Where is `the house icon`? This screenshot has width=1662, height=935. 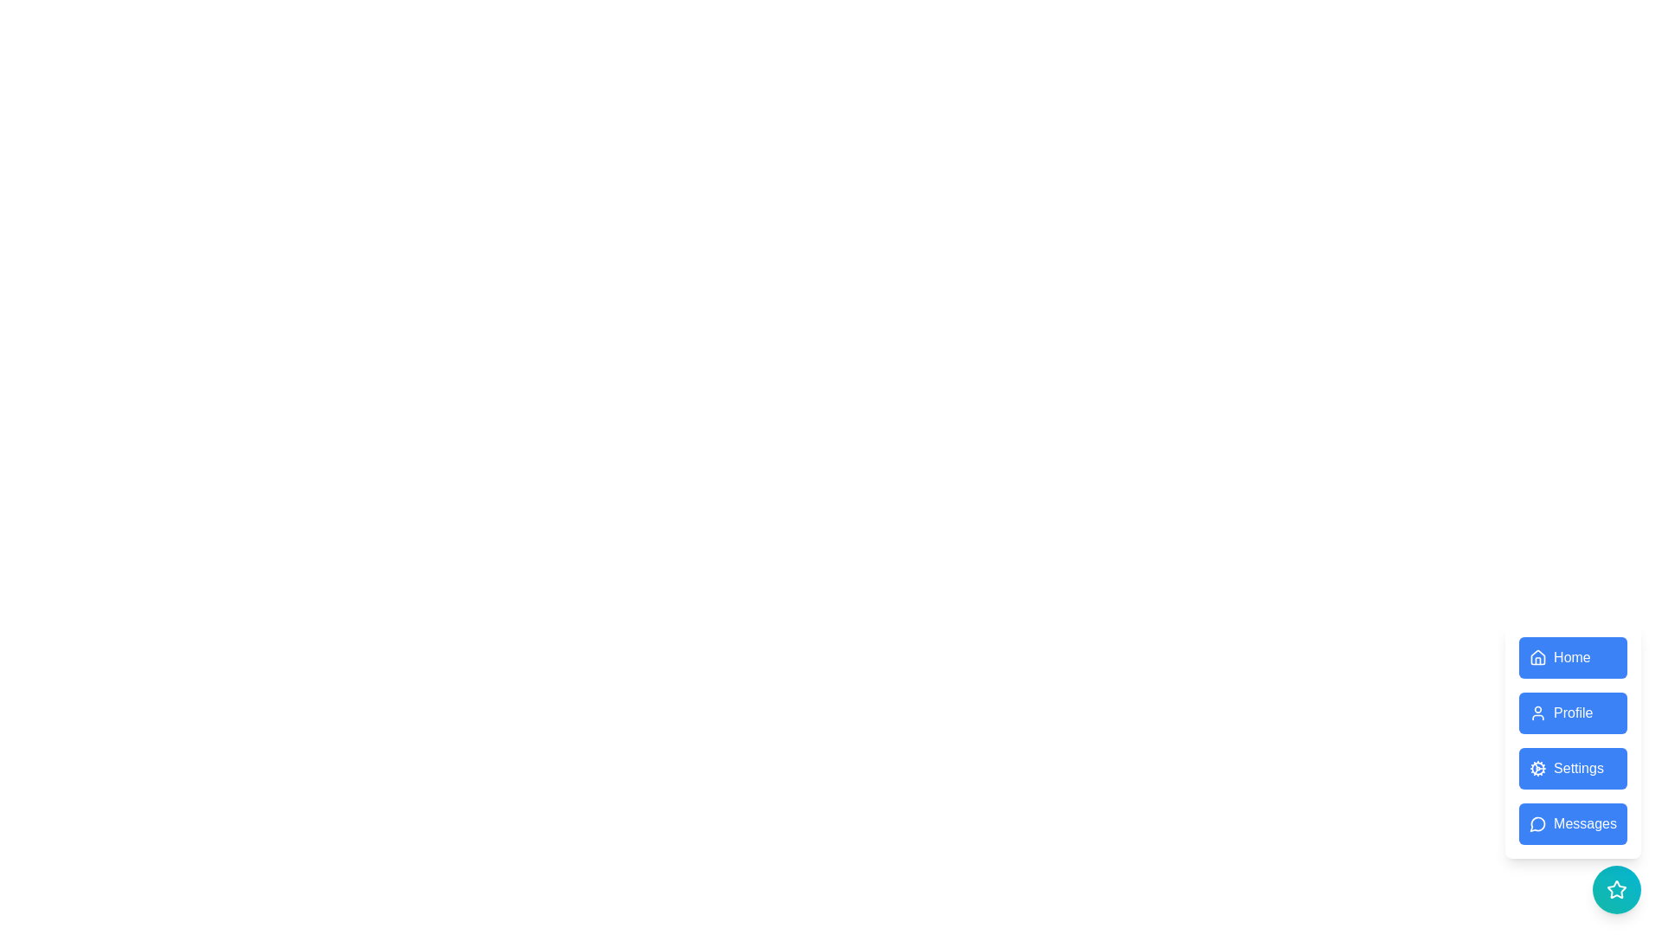 the house icon is located at coordinates (1538, 657).